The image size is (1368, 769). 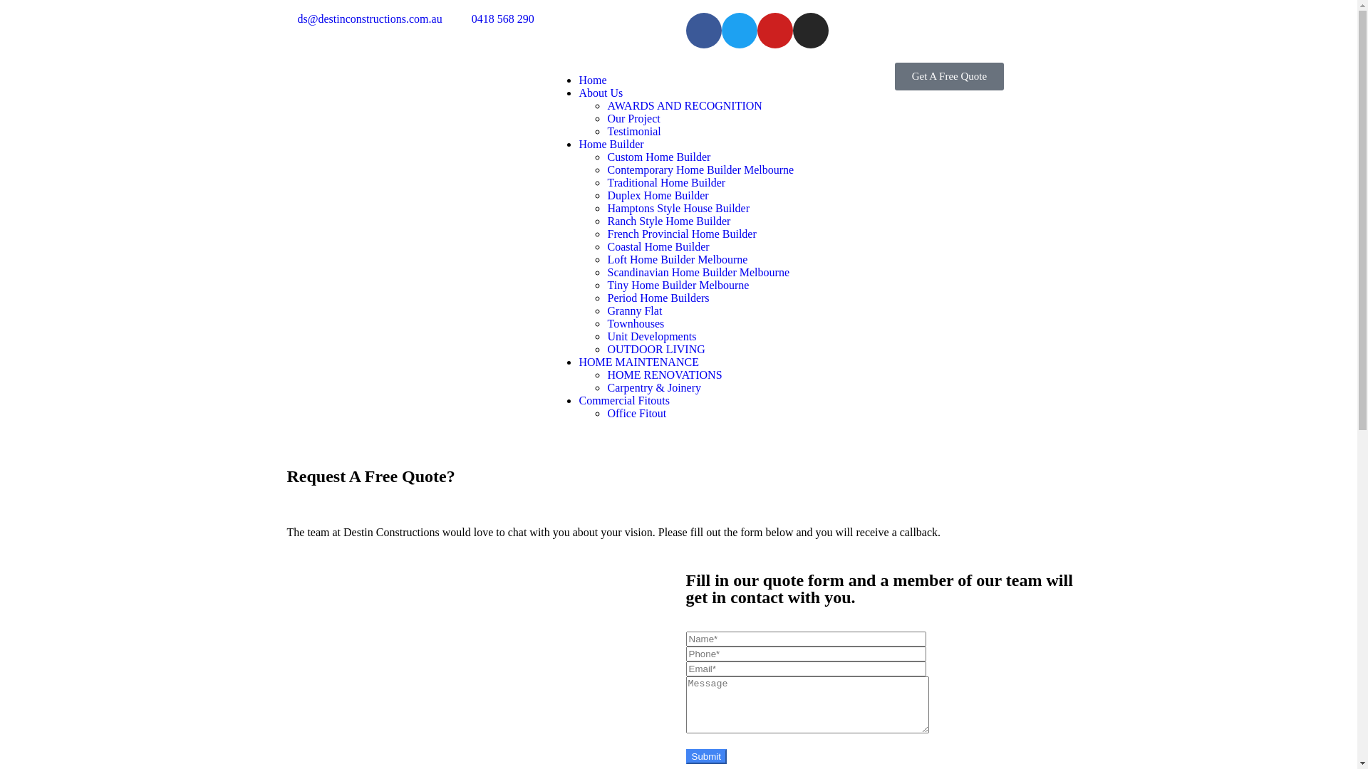 I want to click on 'Tiny Home Builder Melbourne', so click(x=677, y=285).